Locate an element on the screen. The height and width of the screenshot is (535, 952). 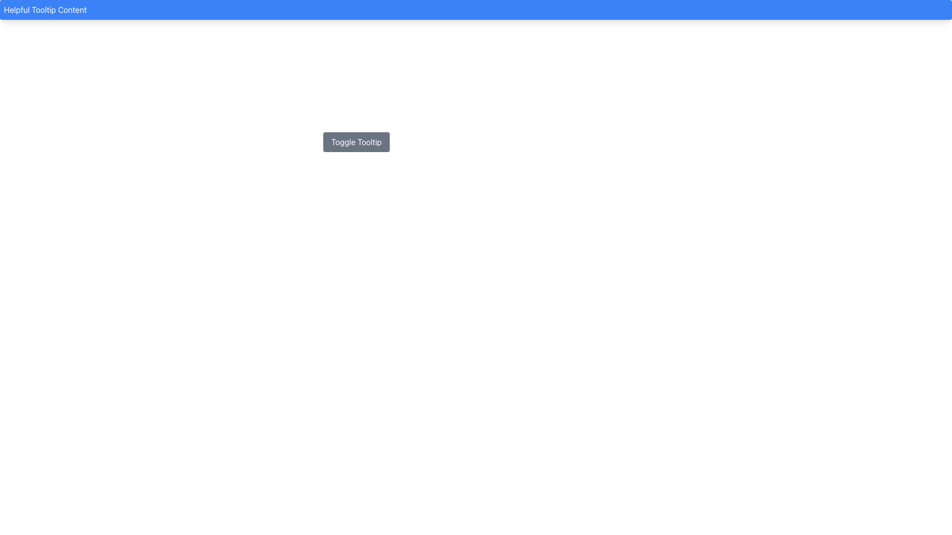
the button that toggles a tooltip display to observe styling changes is located at coordinates (357, 142).